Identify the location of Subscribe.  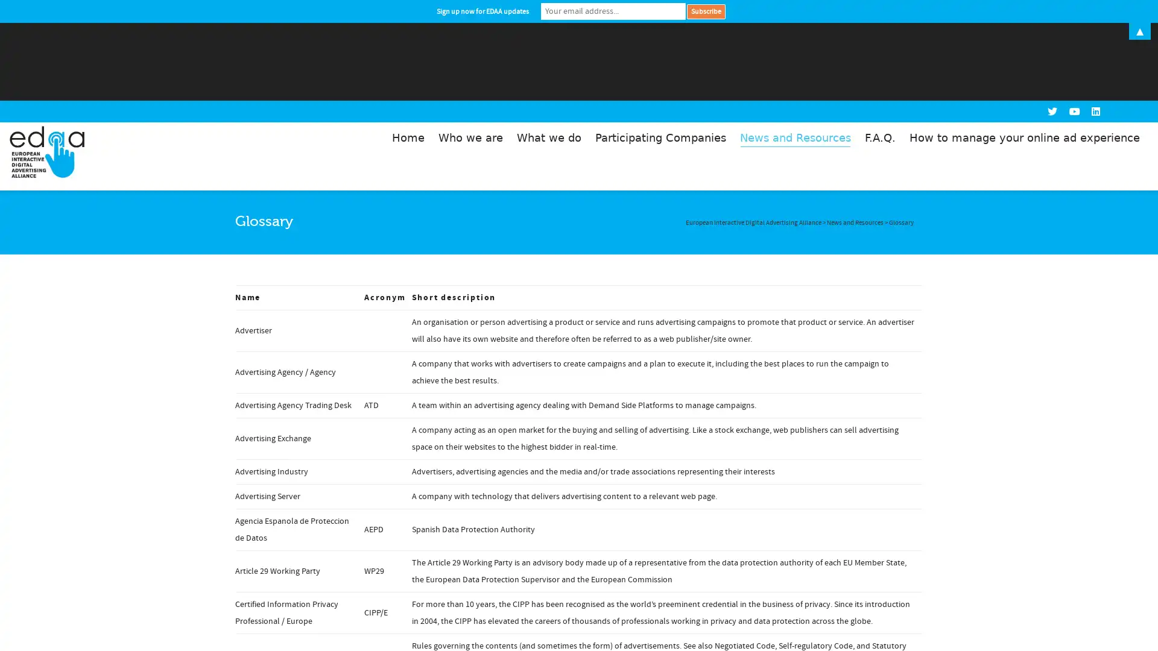
(706, 11).